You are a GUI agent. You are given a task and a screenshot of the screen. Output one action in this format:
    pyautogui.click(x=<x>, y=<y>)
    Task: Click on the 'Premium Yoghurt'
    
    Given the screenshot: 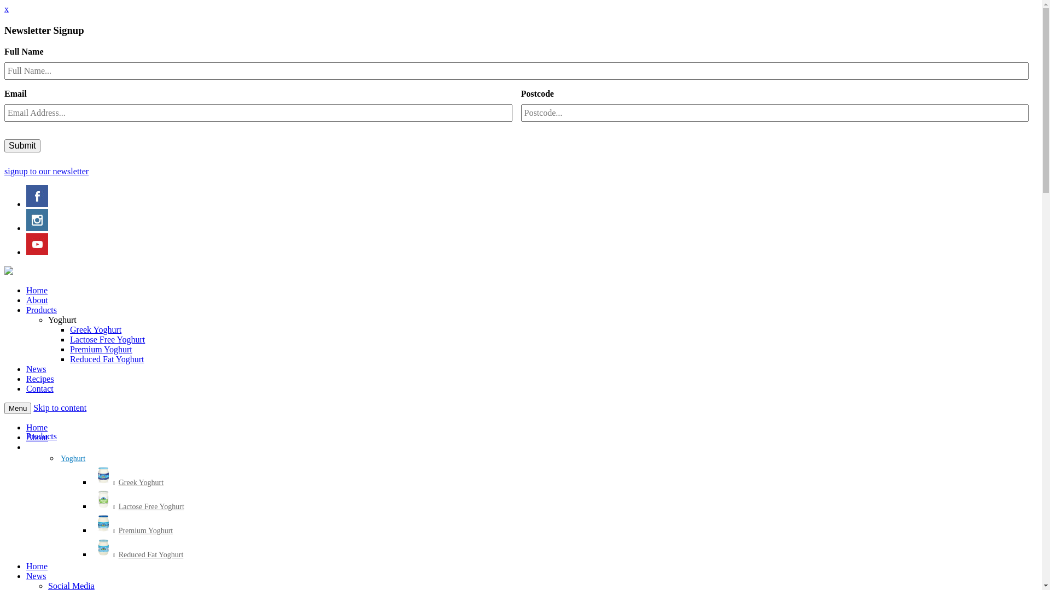 What is the action you would take?
    pyautogui.click(x=132, y=530)
    